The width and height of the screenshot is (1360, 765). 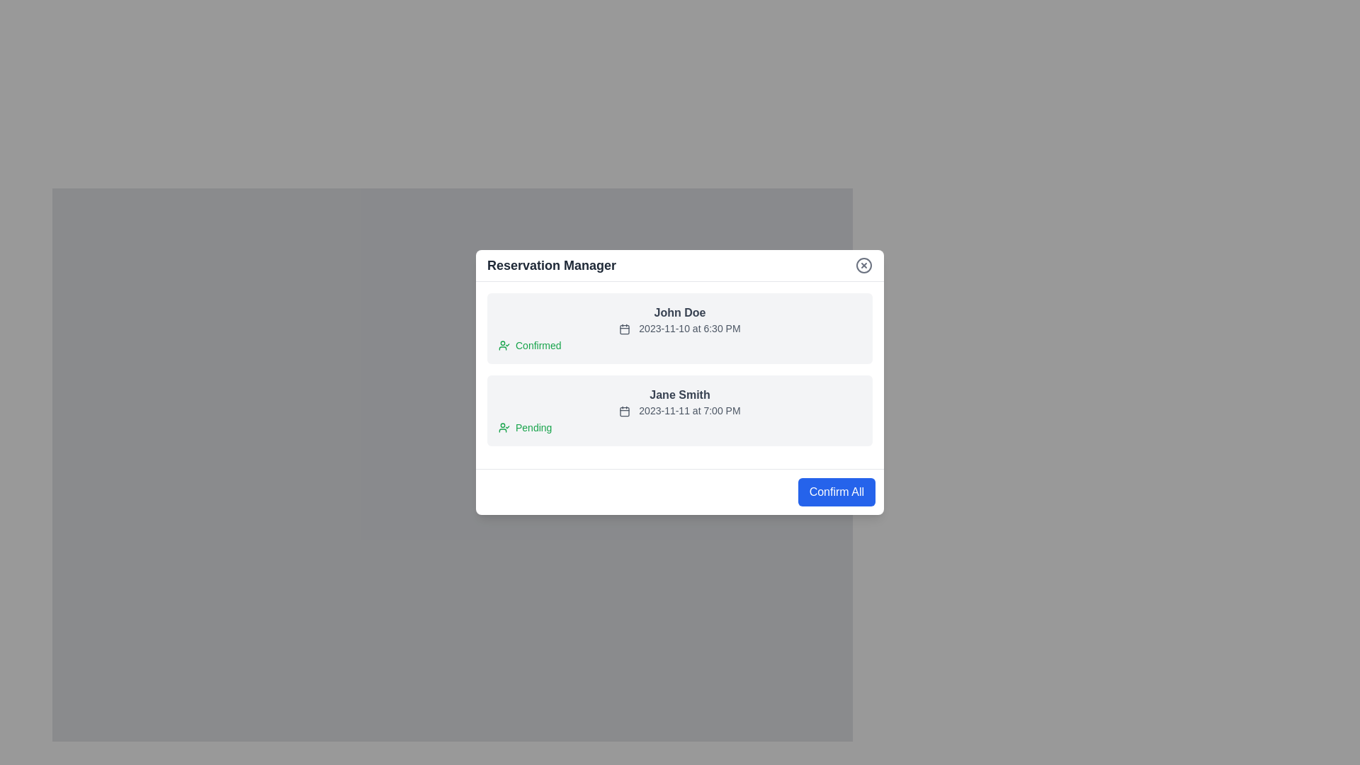 I want to click on the square icon with rounded edges located next to the 'Jane Smith' entry in the 'Reservation Manager' list, so click(x=624, y=412).